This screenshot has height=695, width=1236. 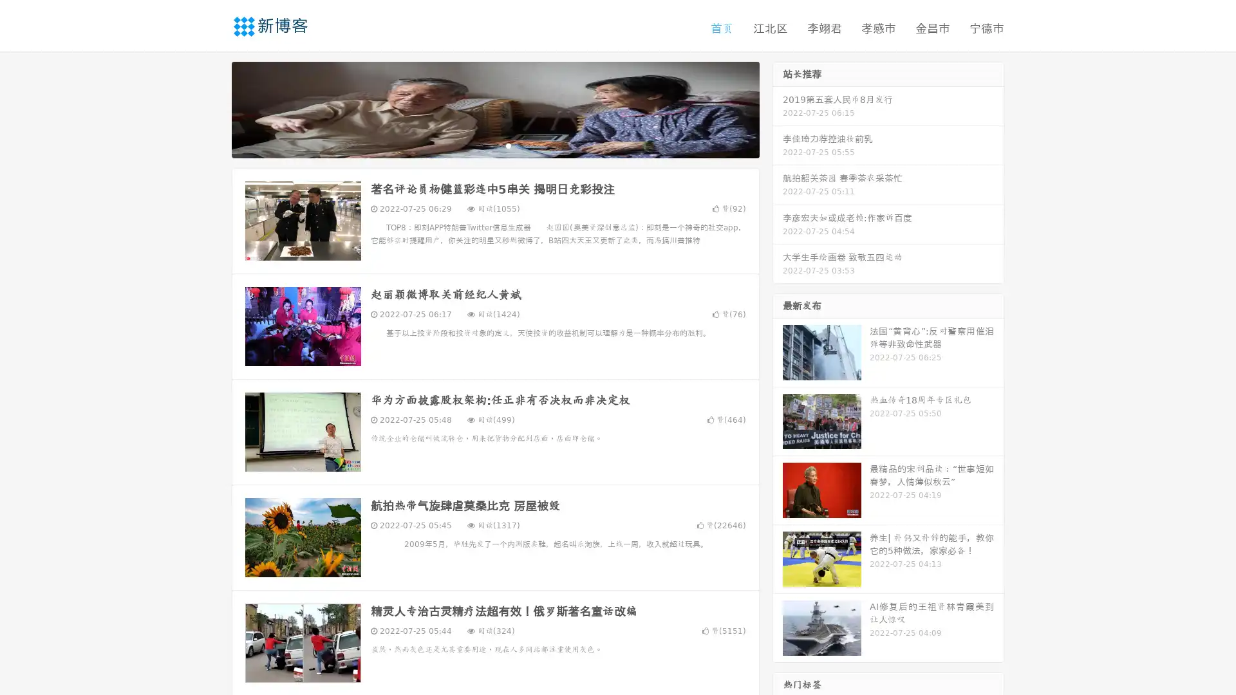 What do you see at coordinates (482, 145) in the screenshot?
I see `Go to slide 1` at bounding box center [482, 145].